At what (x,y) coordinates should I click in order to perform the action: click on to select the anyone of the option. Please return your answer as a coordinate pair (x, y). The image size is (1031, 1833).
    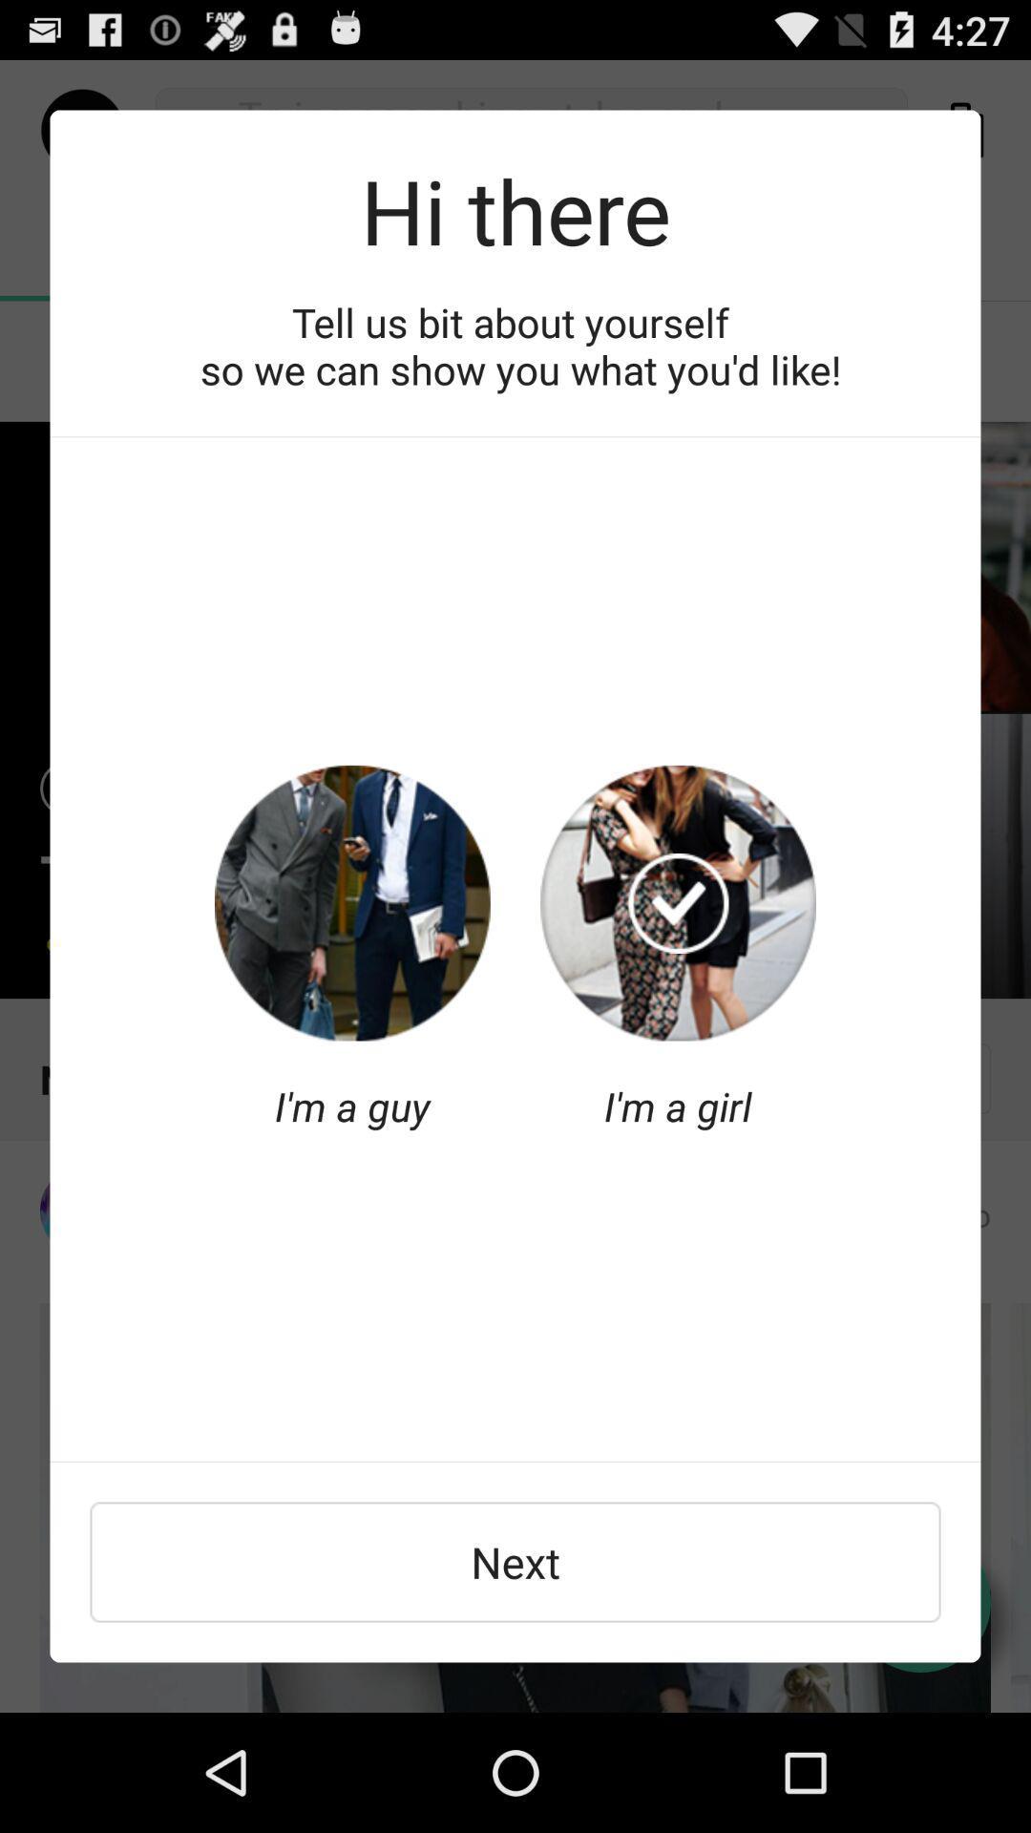
    Looking at the image, I should click on (352, 902).